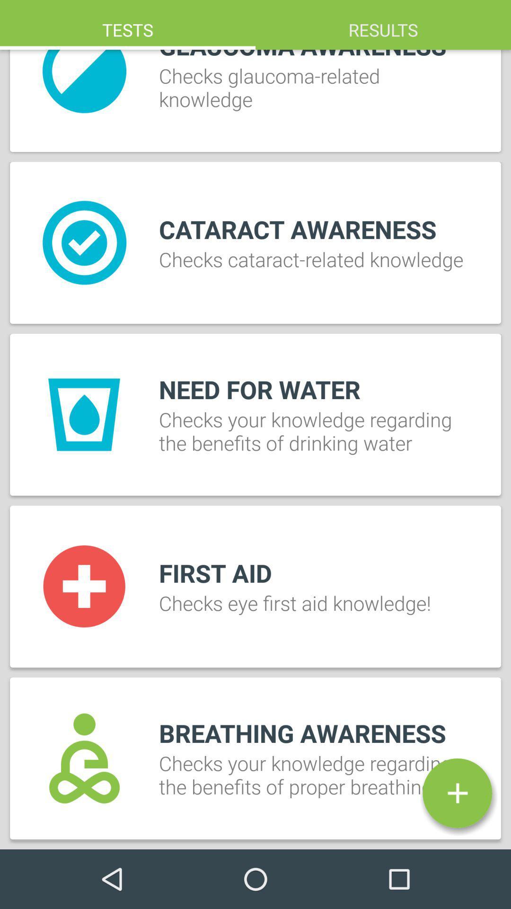 The height and width of the screenshot is (909, 511). Describe the element at coordinates (383, 25) in the screenshot. I see `item at the top right corner` at that location.